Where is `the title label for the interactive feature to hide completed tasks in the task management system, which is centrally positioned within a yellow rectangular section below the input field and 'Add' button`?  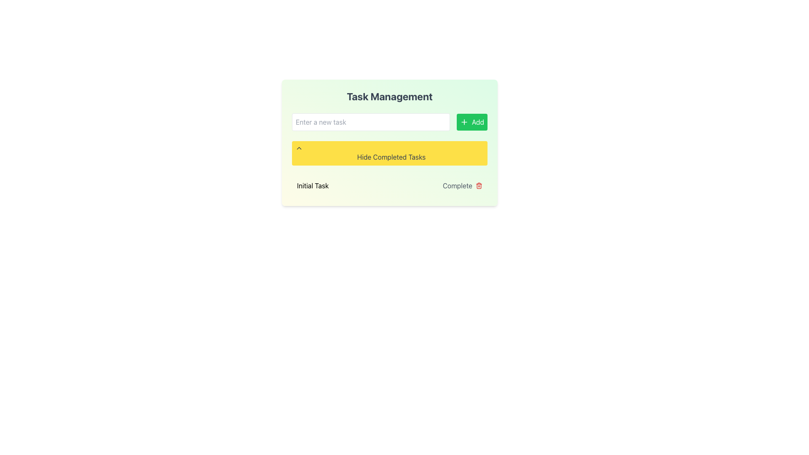 the title label for the interactive feature to hide completed tasks in the task management system, which is centrally positioned within a yellow rectangular section below the input field and 'Add' button is located at coordinates (391, 157).